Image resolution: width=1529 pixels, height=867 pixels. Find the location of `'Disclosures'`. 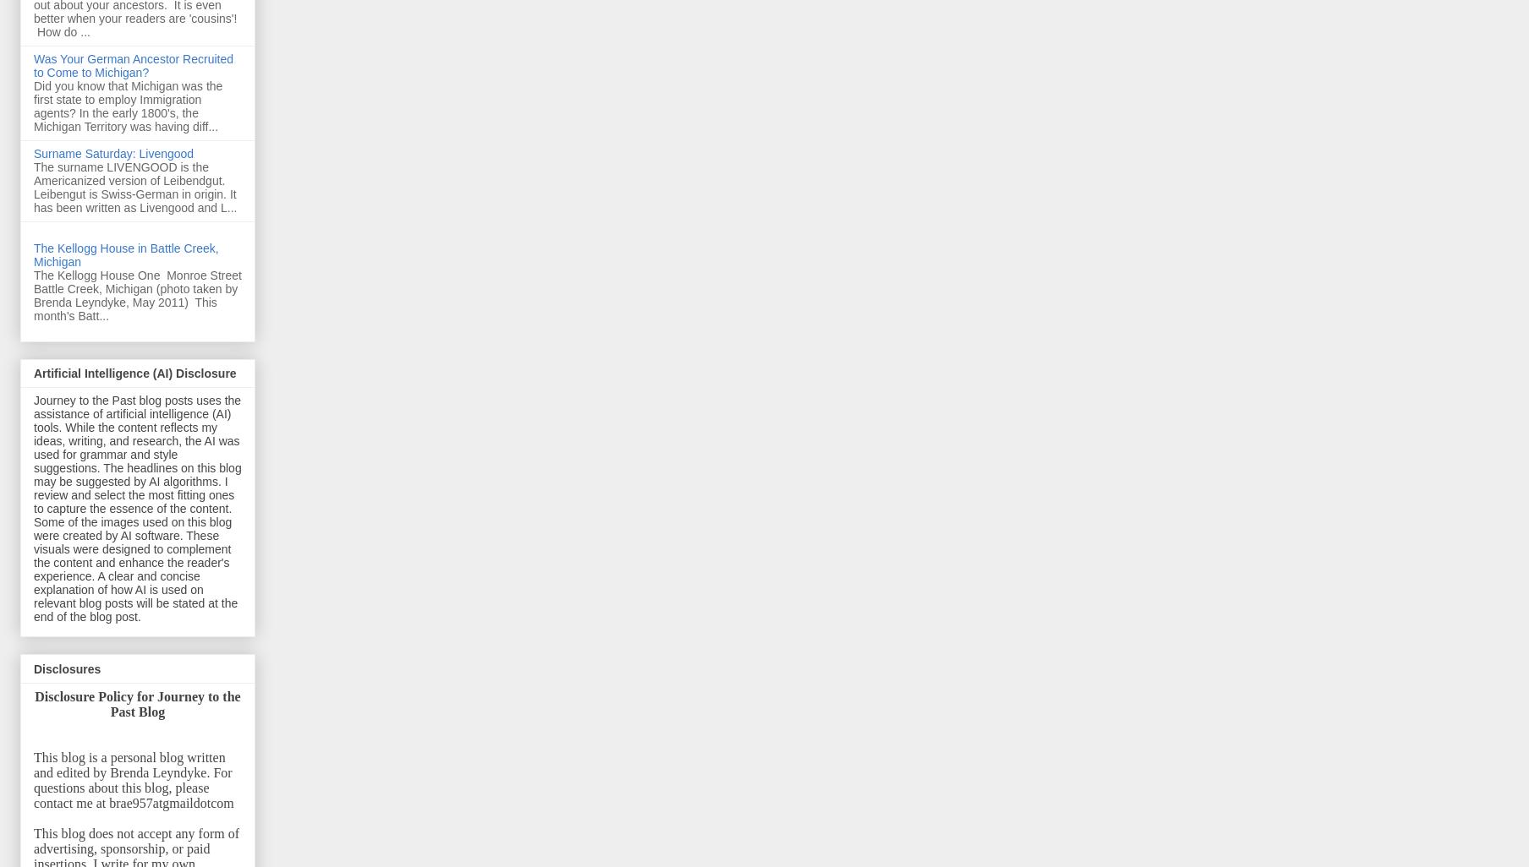

'Disclosures' is located at coordinates (66, 668).